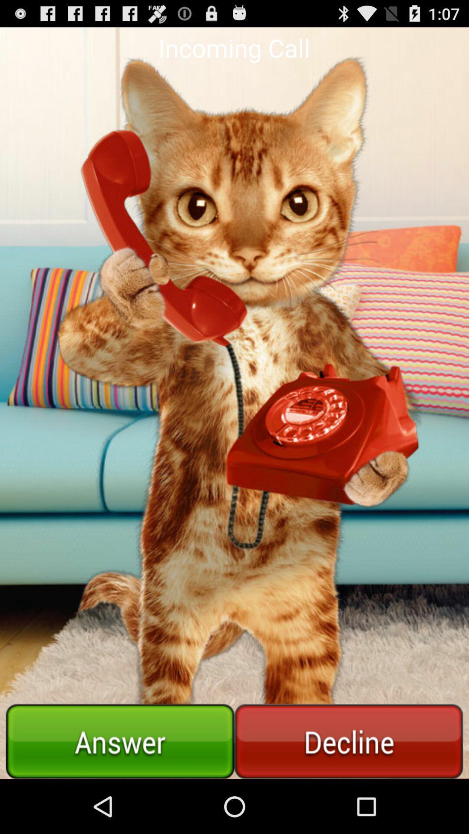 The image size is (469, 834). Describe the element at coordinates (348, 741) in the screenshot. I see `declines phone call` at that location.